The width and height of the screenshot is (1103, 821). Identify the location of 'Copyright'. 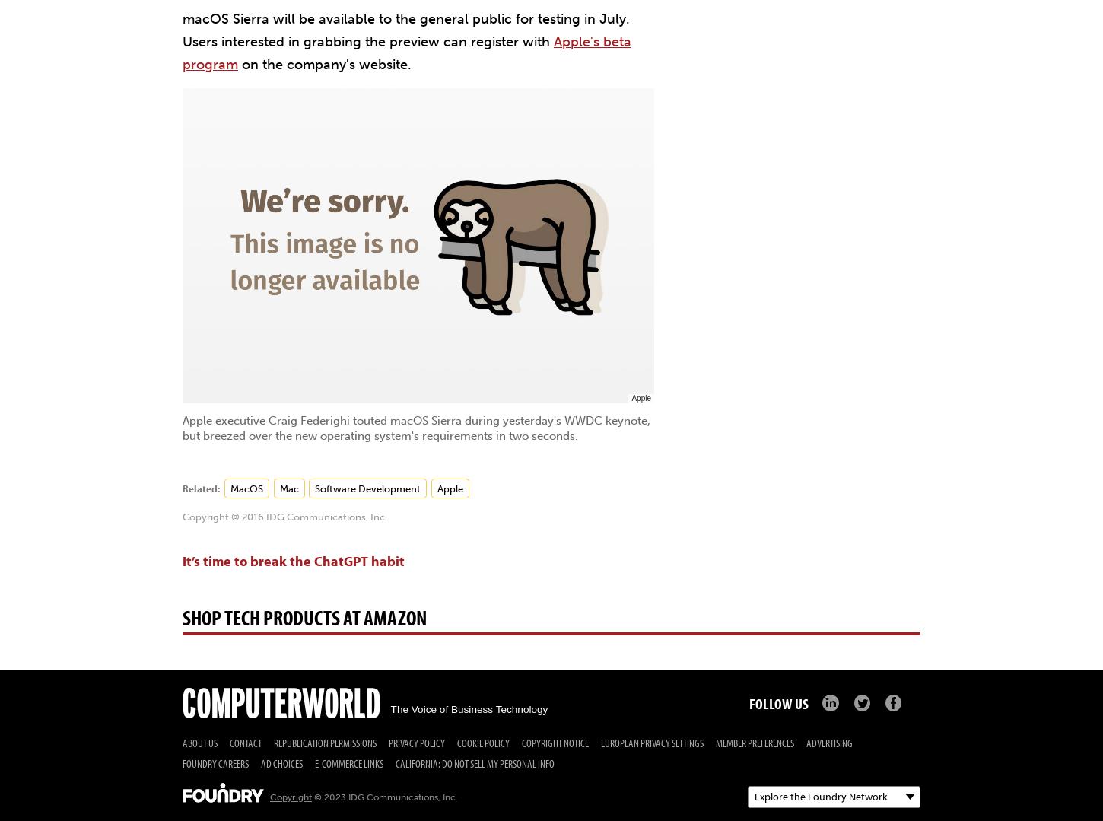
(290, 795).